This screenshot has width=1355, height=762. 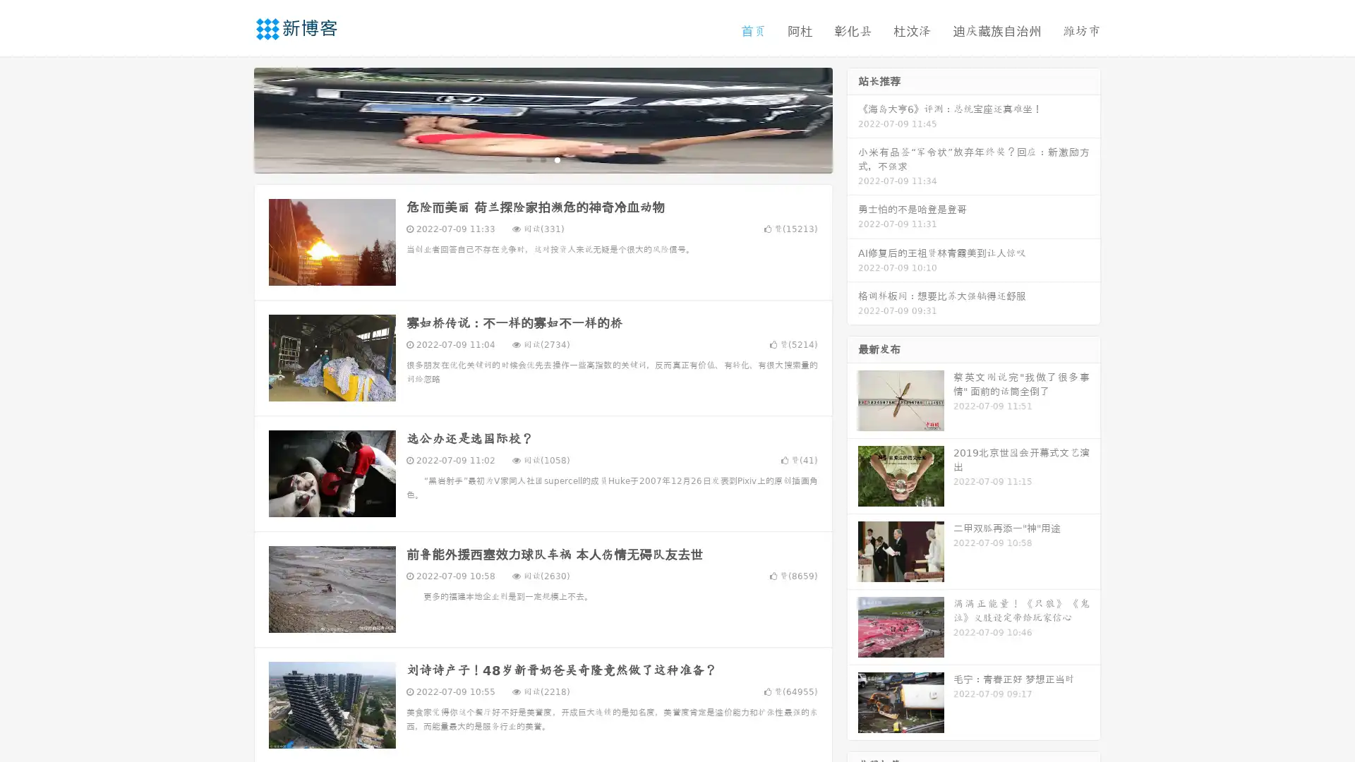 I want to click on Next slide, so click(x=853, y=119).